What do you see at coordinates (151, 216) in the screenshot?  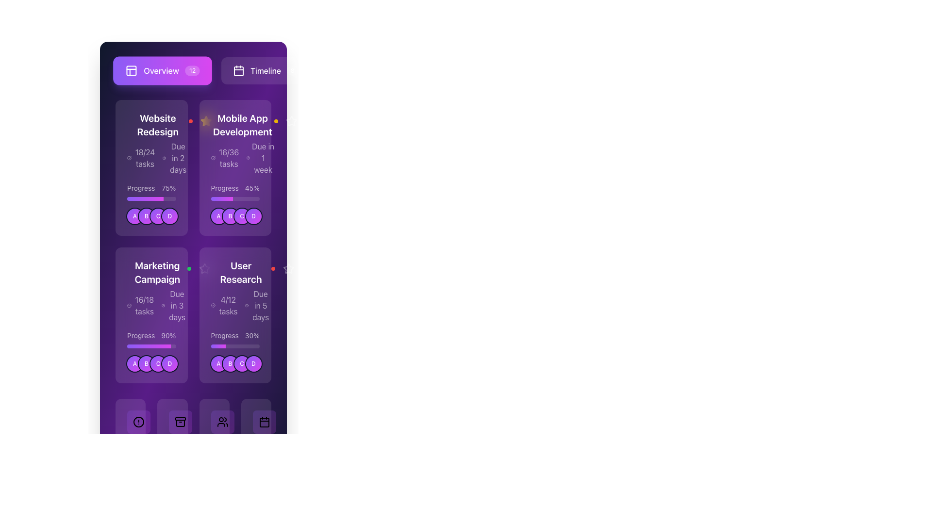 I see `the circular icon labeled 'A', 'B', 'C', or 'D' within the Icon group located` at bounding box center [151, 216].